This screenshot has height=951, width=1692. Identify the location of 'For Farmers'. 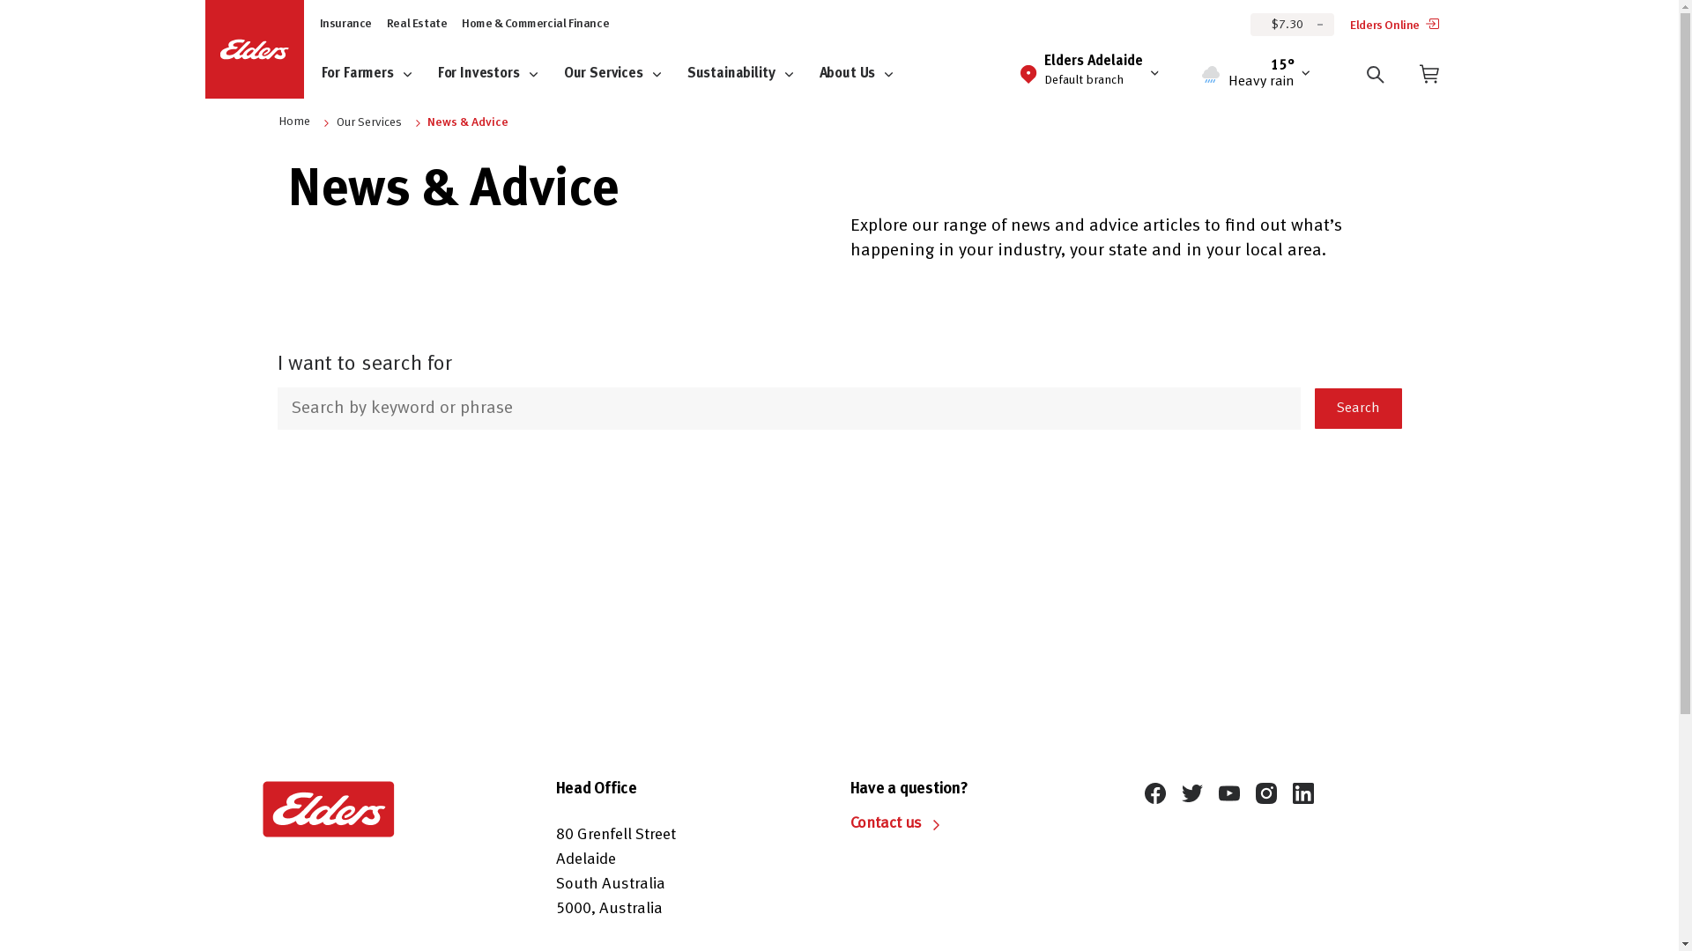
(375, 73).